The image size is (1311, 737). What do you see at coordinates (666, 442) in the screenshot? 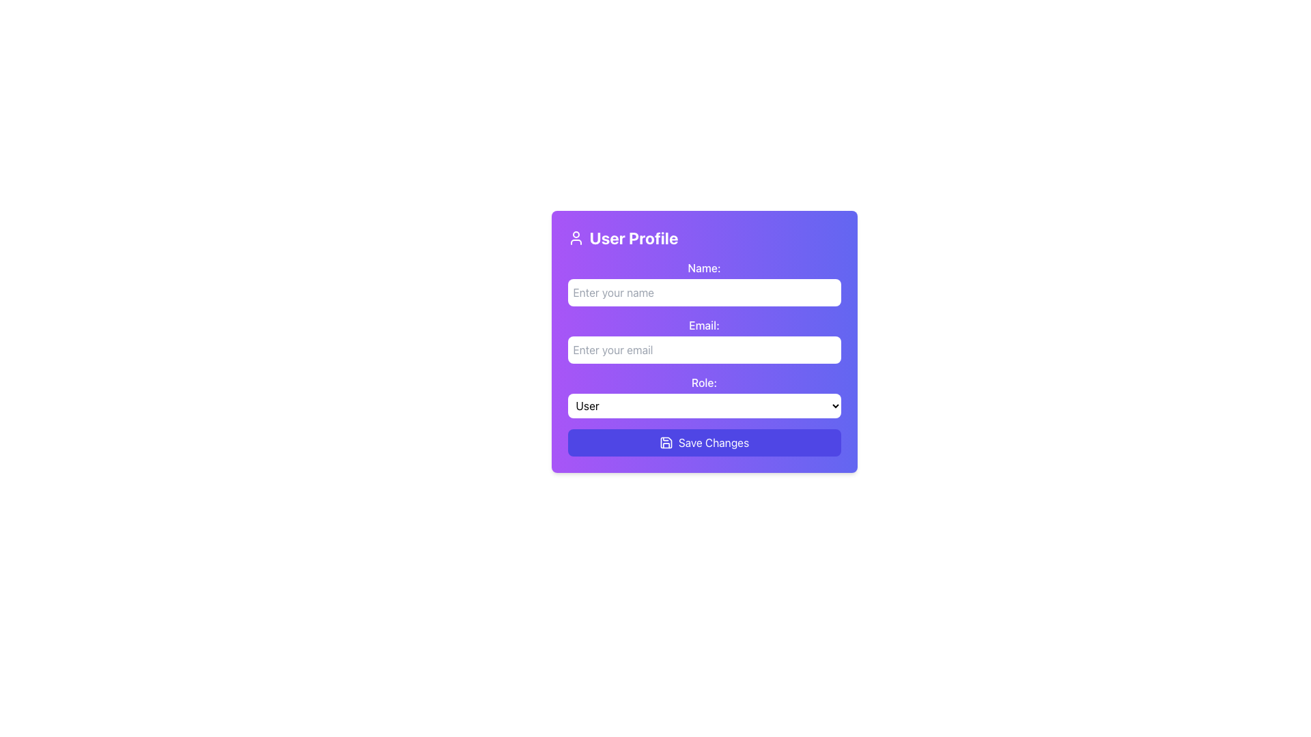
I see `the Decorative Icon that resembles a floppy disk, part of the 'Save Changes' button with a blue background, located at the bottom right of the user profile dialog box` at bounding box center [666, 442].